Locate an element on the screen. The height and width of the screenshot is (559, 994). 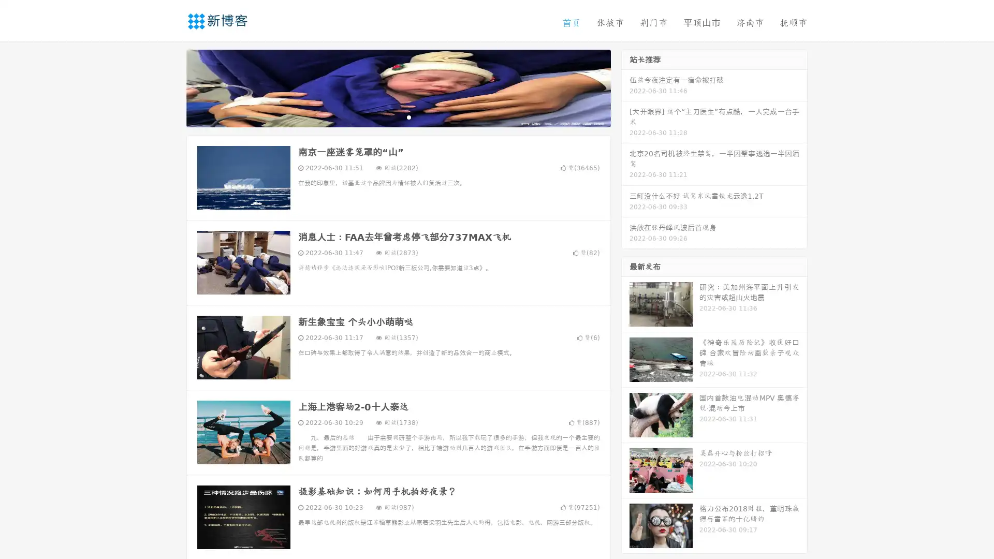
Next slide is located at coordinates (625, 87).